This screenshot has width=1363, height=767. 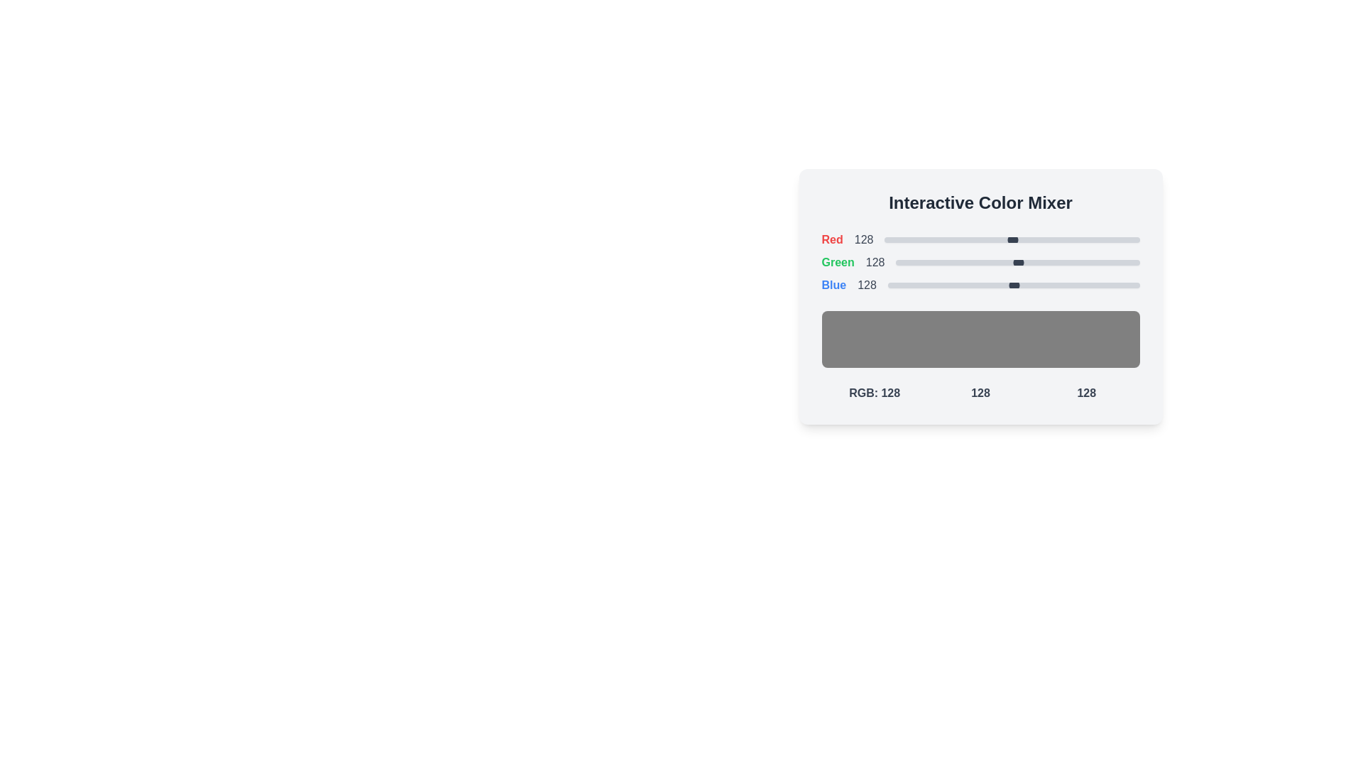 What do you see at coordinates (1098, 263) in the screenshot?
I see `the green color intensity` at bounding box center [1098, 263].